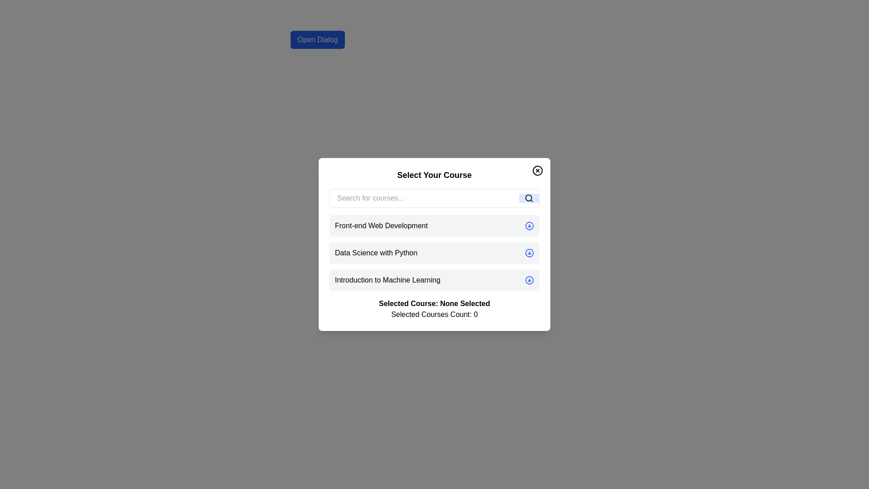 The image size is (869, 489). I want to click on the lens part of the search icon, which is a circular shape located in the top-right area of the modal window, adjacent to the input field for searching courses, so click(529, 197).